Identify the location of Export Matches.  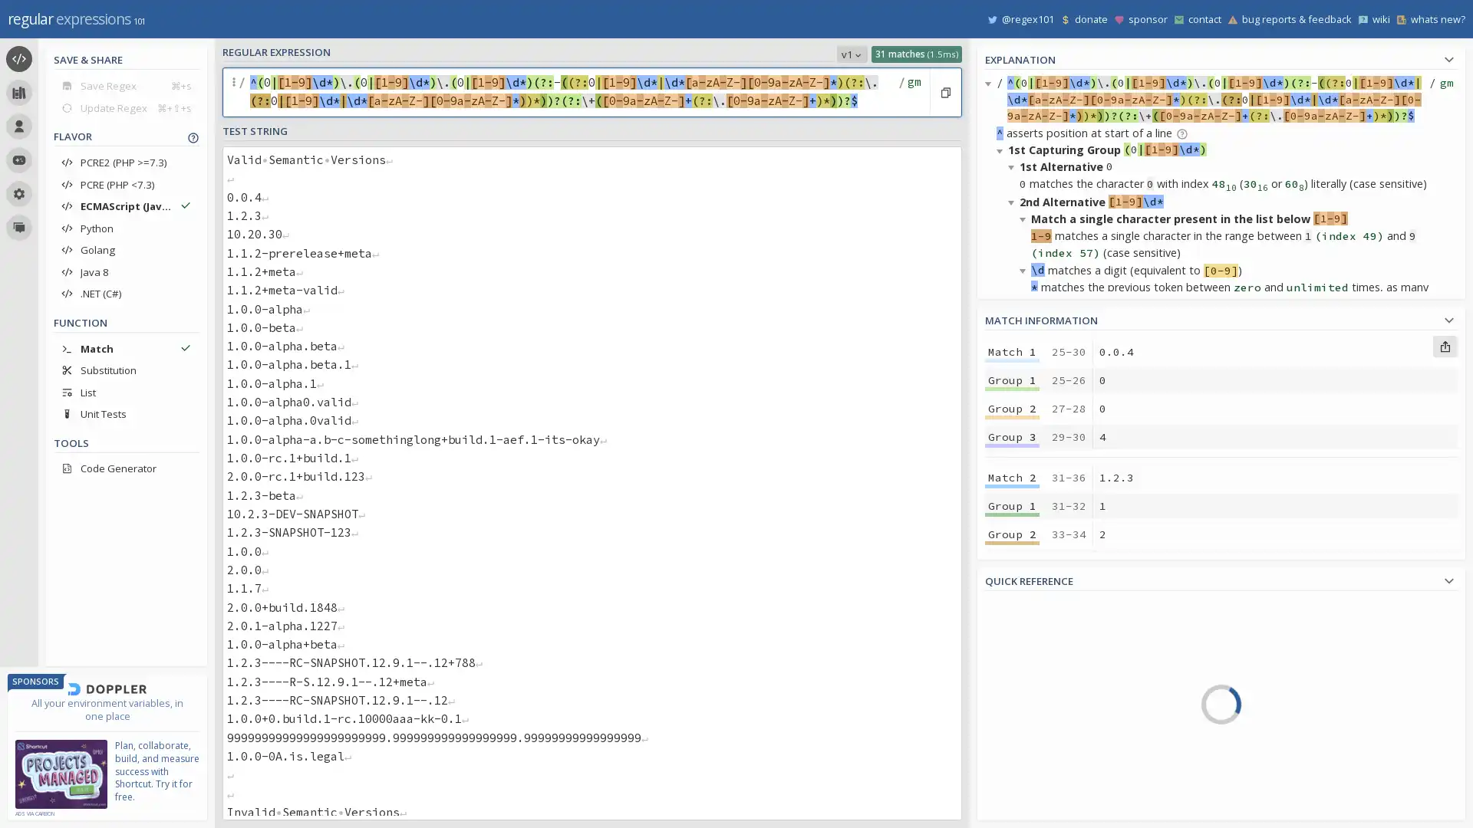
(1444, 346).